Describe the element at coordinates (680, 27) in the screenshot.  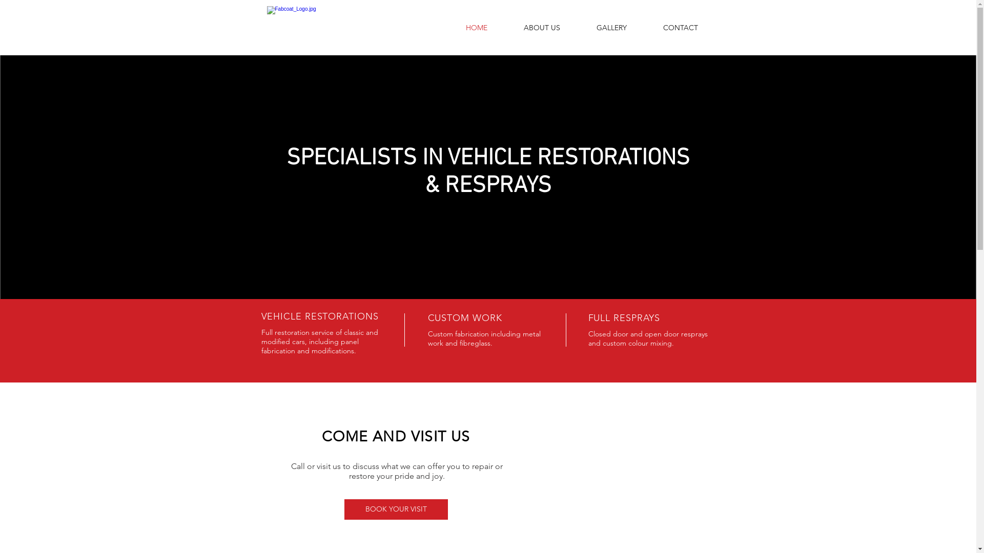
I see `'CONTACT'` at that location.